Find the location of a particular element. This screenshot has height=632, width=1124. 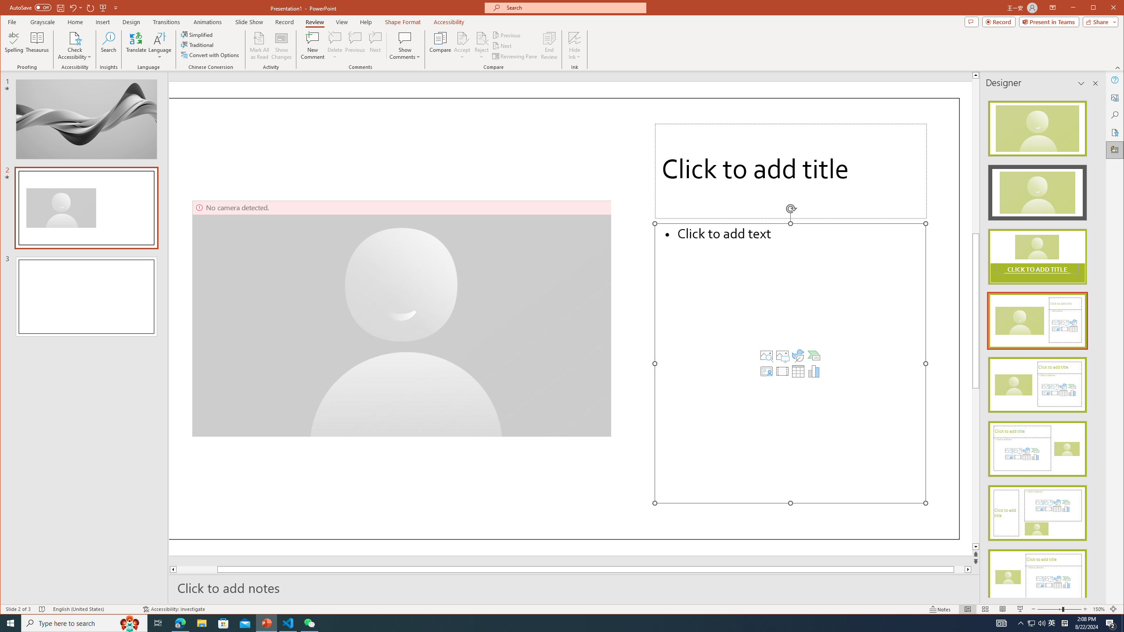

'Compare' is located at coordinates (440, 45).